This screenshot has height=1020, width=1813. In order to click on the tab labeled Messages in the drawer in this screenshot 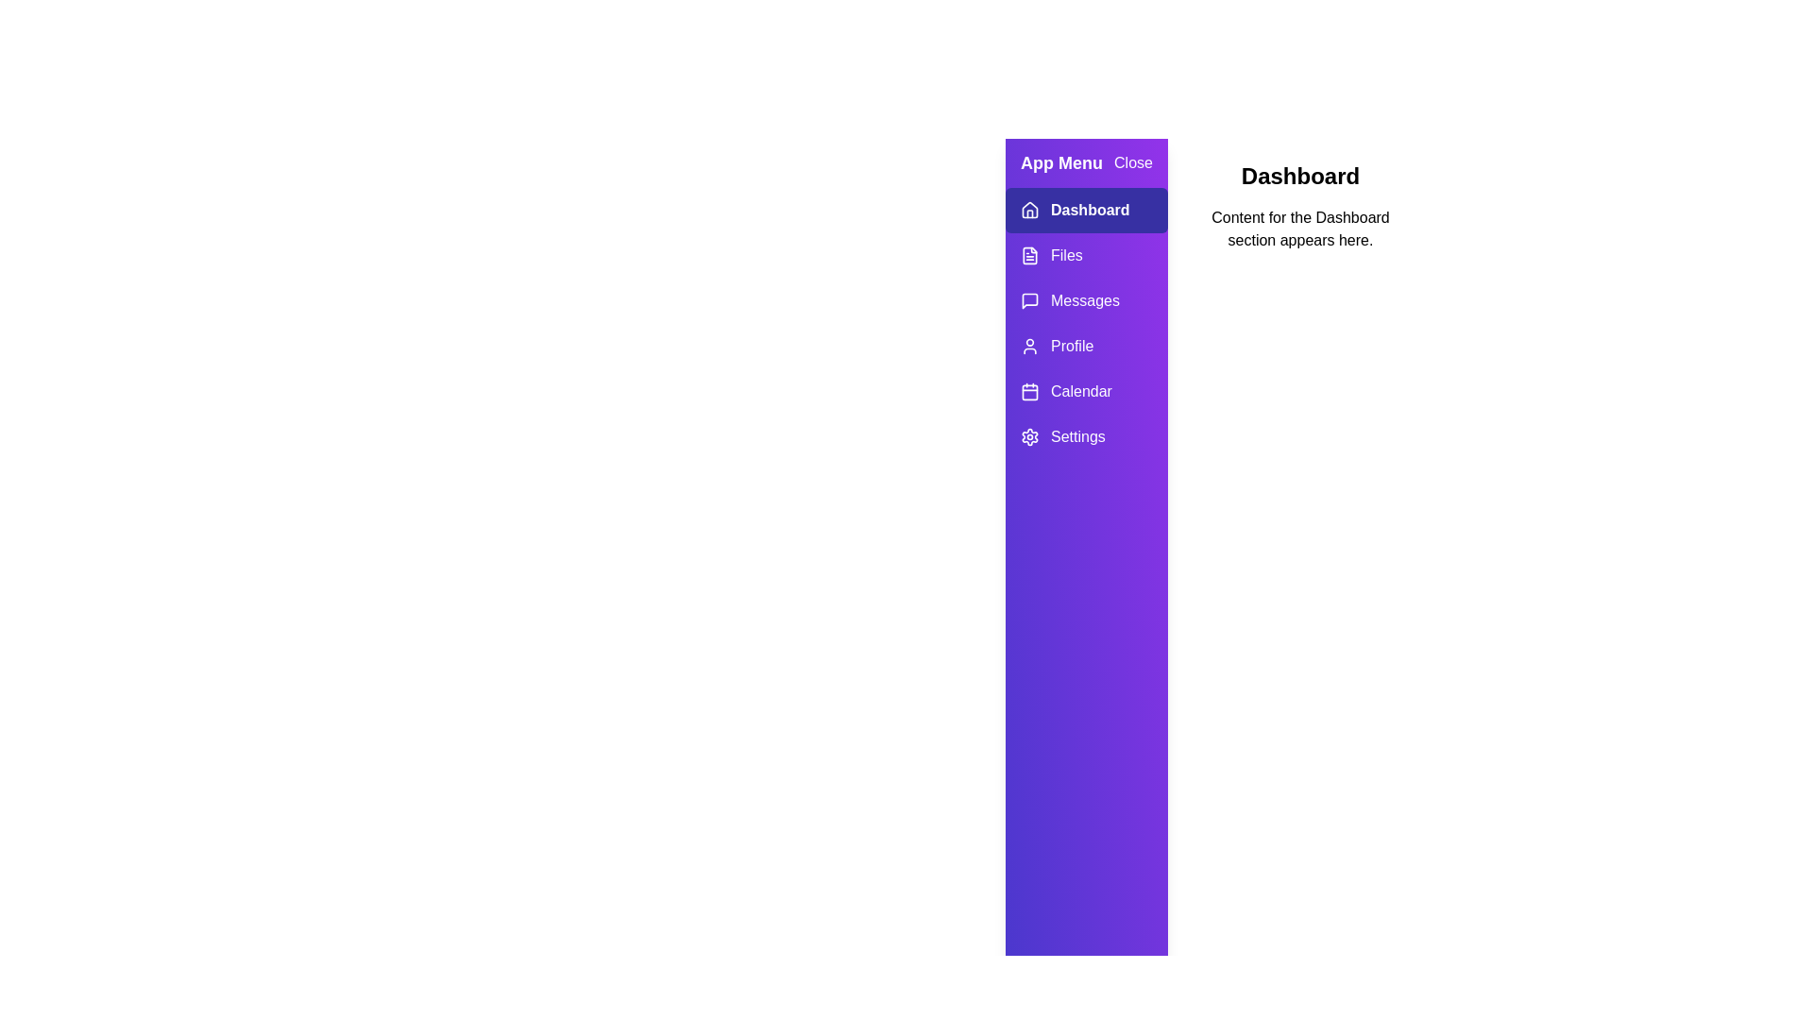, I will do `click(1087, 300)`.